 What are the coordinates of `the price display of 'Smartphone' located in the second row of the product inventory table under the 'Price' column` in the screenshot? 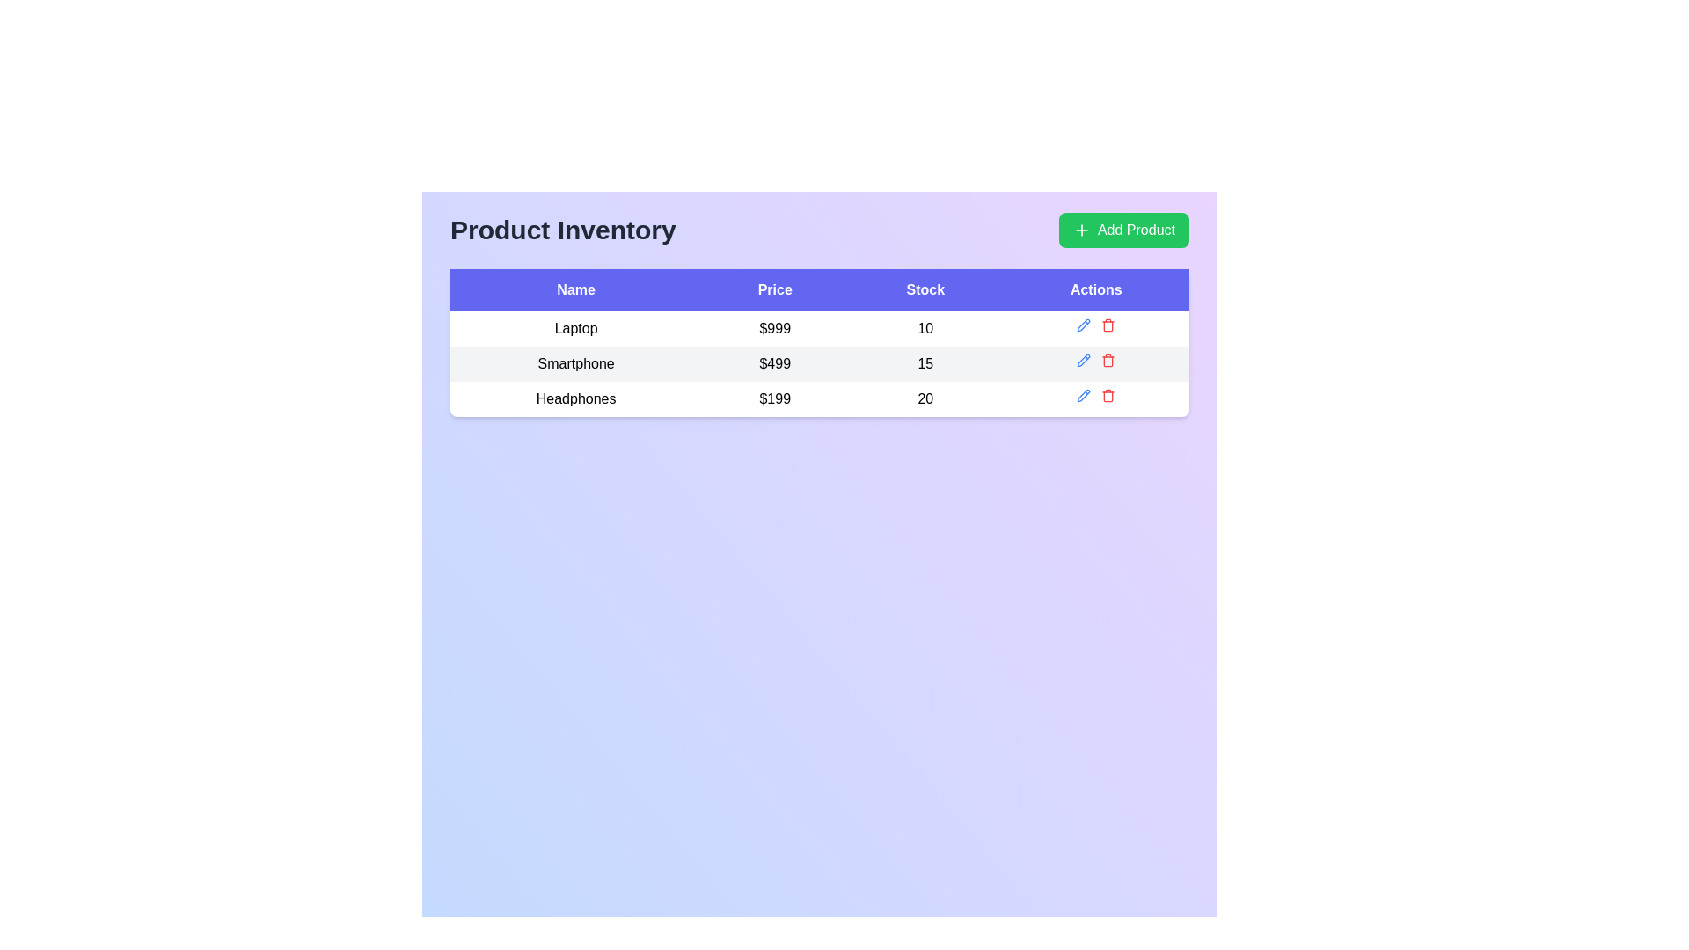 It's located at (774, 362).